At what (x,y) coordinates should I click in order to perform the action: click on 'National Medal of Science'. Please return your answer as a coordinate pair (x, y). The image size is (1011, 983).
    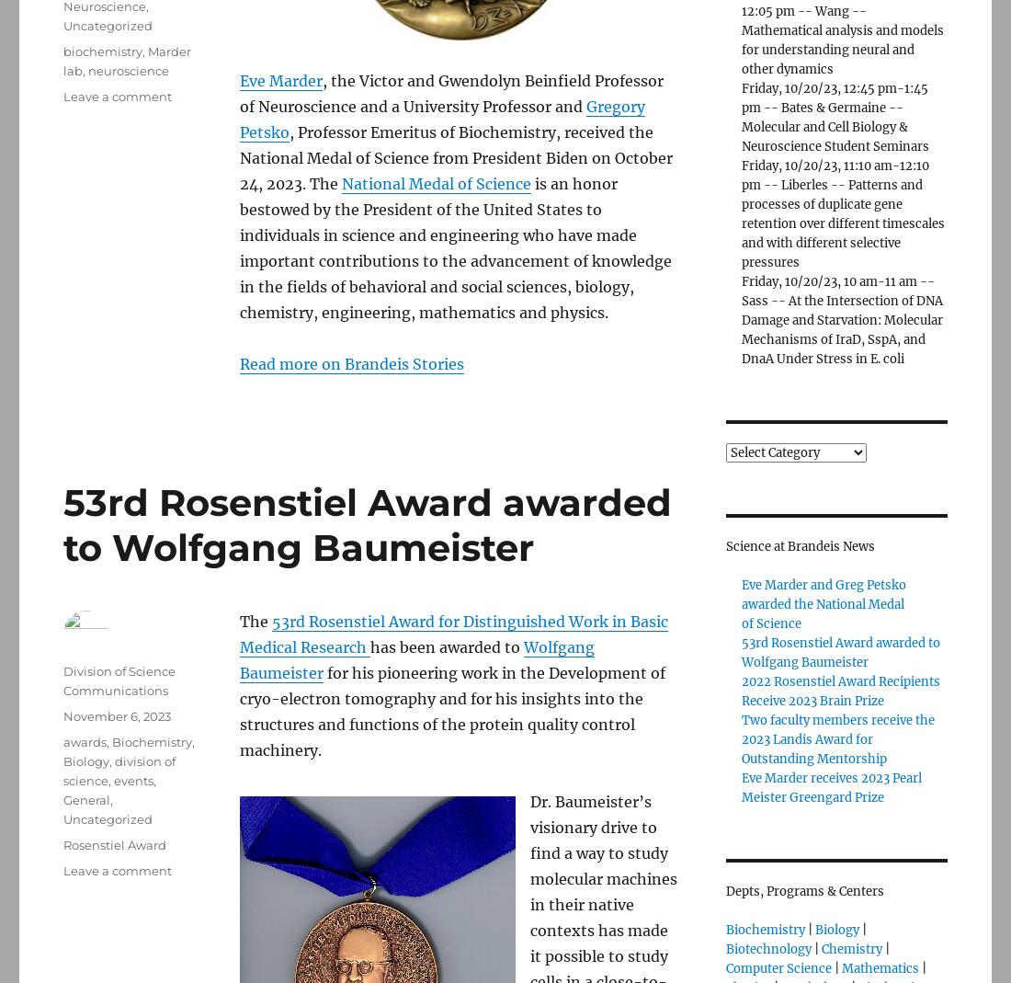
    Looking at the image, I should click on (435, 184).